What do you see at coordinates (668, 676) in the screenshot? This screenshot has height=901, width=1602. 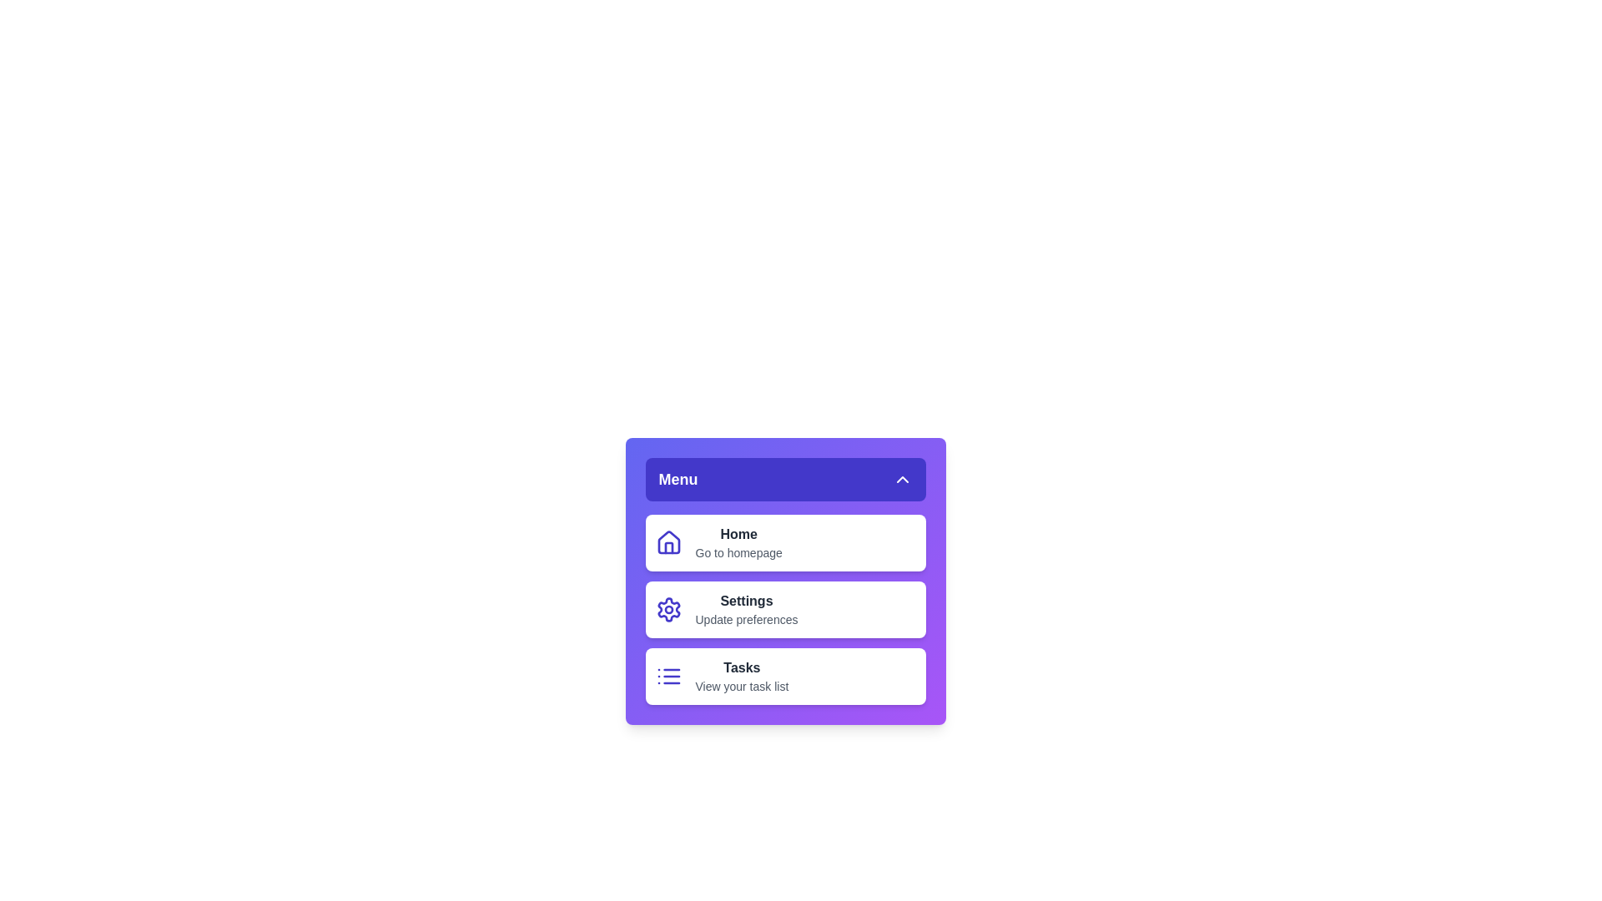 I see `the Tasks icon to inspect its visual feedback` at bounding box center [668, 676].